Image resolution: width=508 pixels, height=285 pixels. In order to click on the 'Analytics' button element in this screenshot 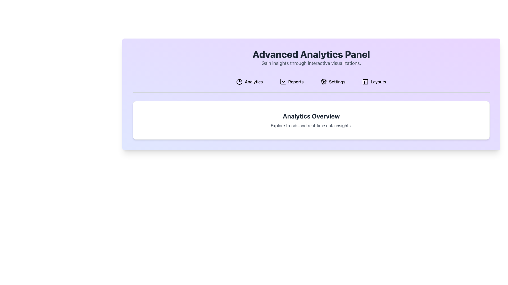, I will do `click(249, 82)`.